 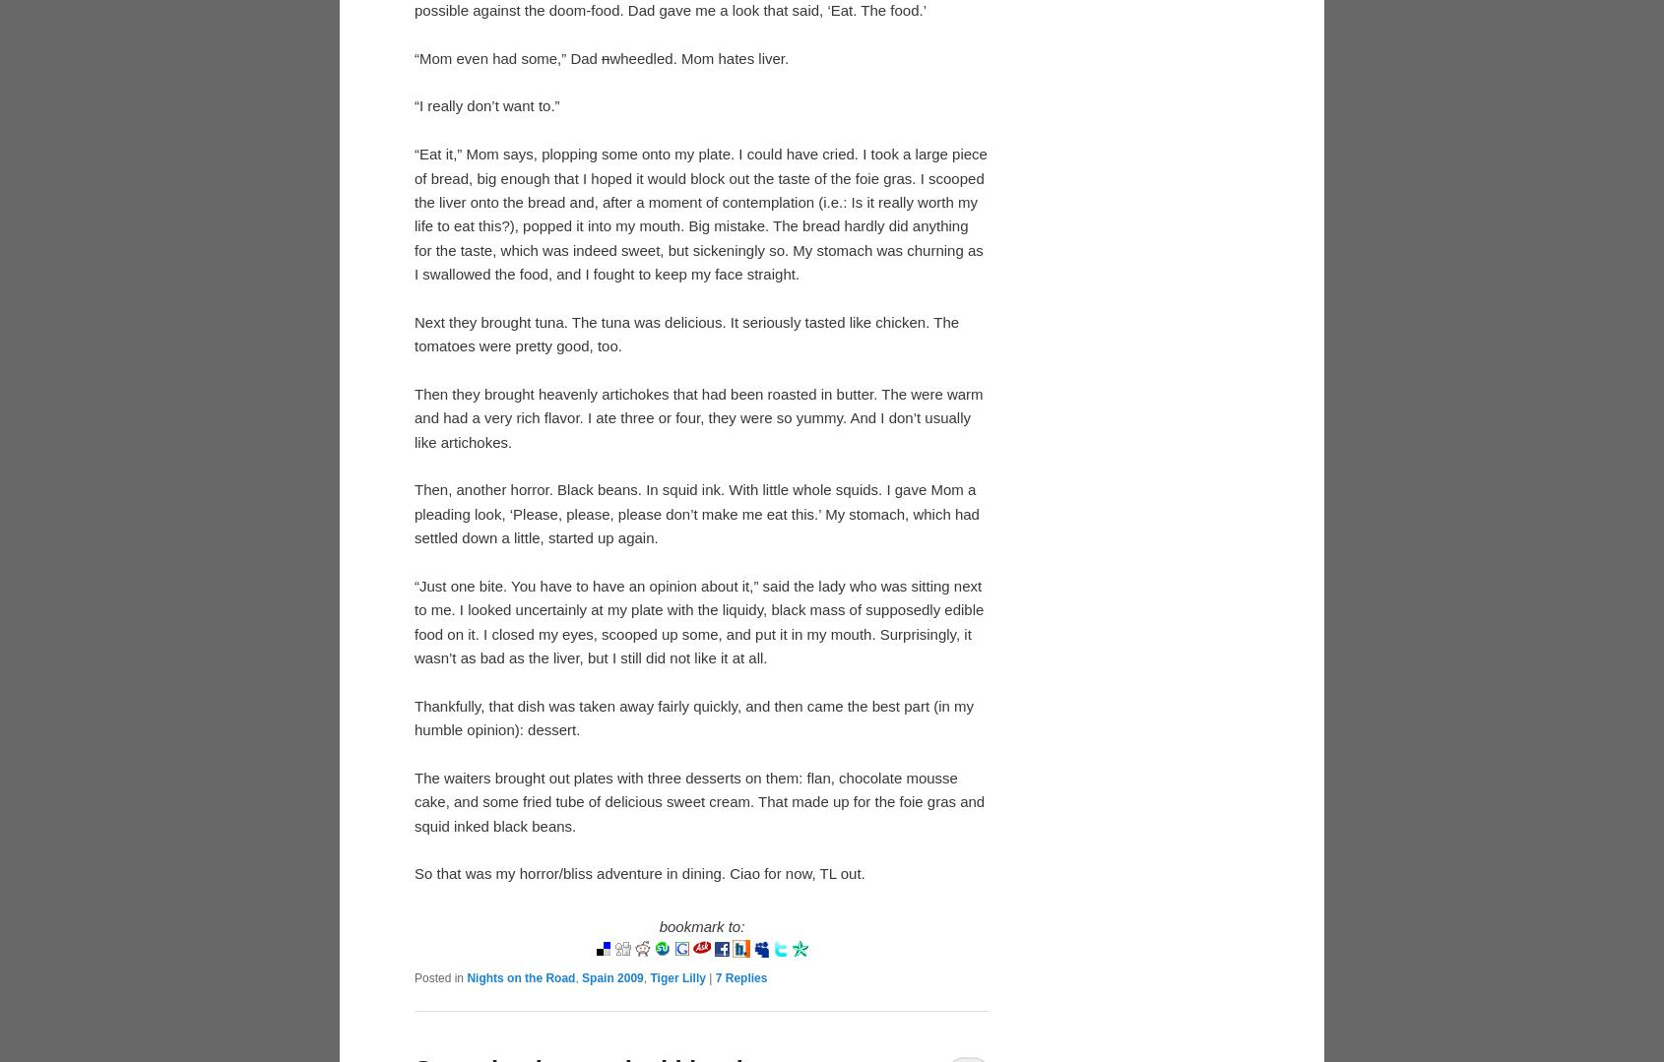 I want to click on '|', so click(x=710, y=976).